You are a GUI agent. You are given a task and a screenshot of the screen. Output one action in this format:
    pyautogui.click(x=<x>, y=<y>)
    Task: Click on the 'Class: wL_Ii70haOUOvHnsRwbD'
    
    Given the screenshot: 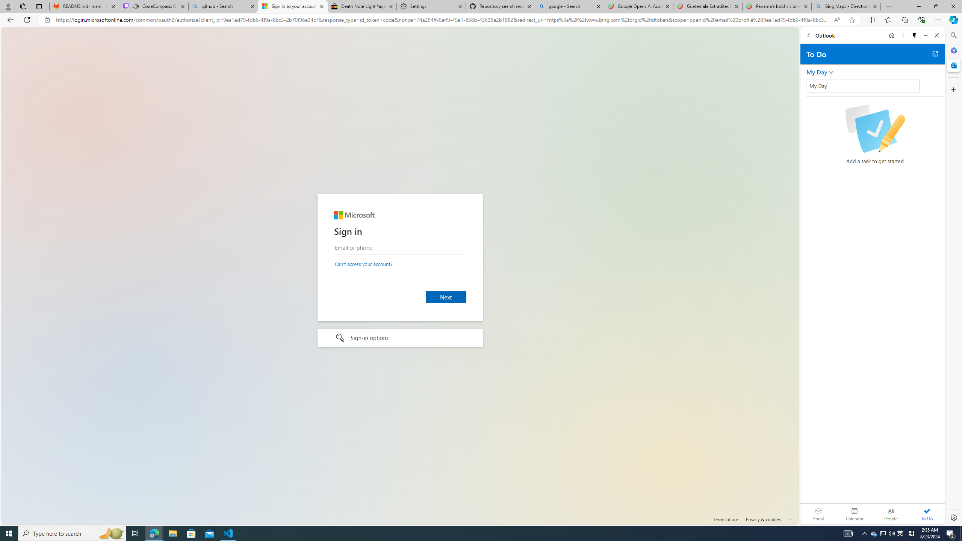 What is the action you would take?
    pyautogui.click(x=862, y=85)
    